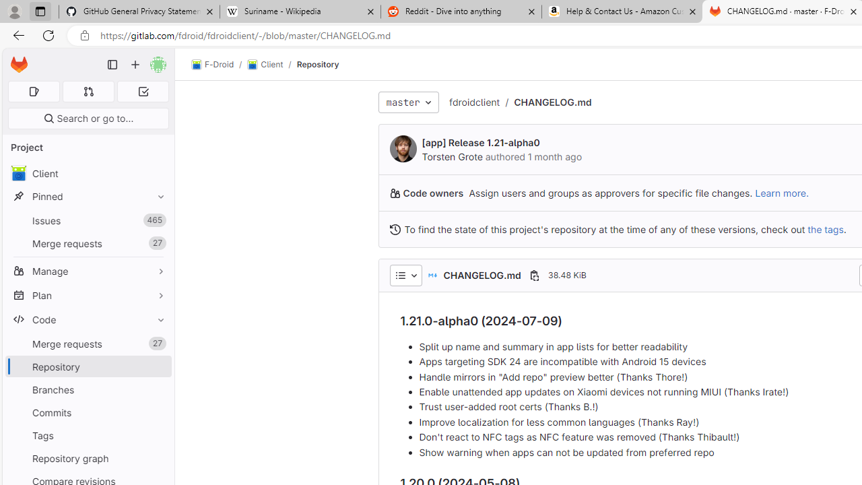  What do you see at coordinates (88, 294) in the screenshot?
I see `'Plan'` at bounding box center [88, 294].